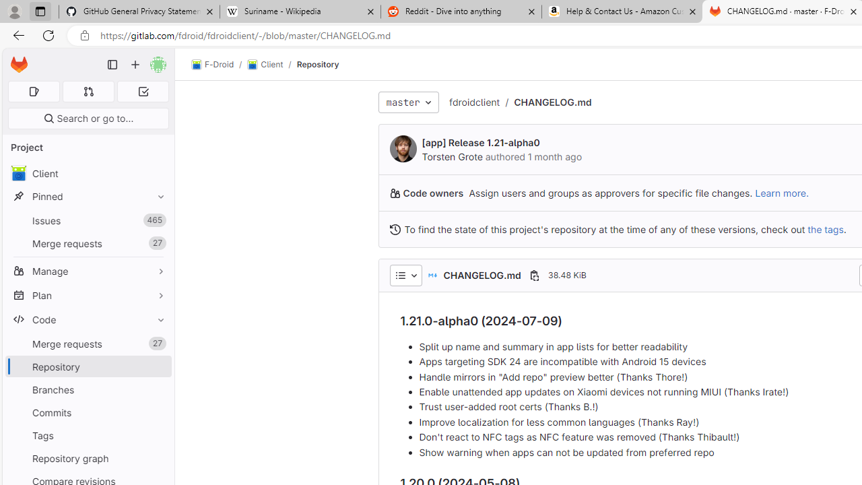  What do you see at coordinates (88, 294) in the screenshot?
I see `'Plan'` at bounding box center [88, 294].